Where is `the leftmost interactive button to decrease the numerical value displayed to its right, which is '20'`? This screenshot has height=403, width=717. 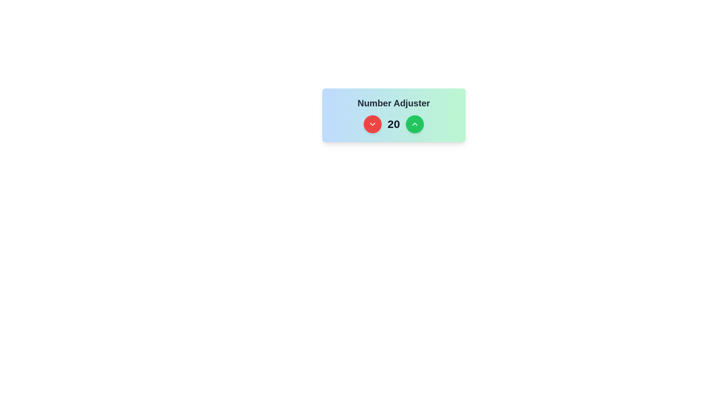
the leftmost interactive button to decrease the numerical value displayed to its right, which is '20' is located at coordinates (372, 124).